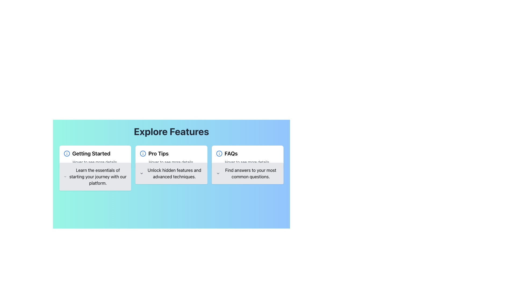 The width and height of the screenshot is (516, 290). I want to click on the informational icon located to the left of the 'Pro Tips' text in the header section of the 'Pro Tips' card, so click(143, 153).